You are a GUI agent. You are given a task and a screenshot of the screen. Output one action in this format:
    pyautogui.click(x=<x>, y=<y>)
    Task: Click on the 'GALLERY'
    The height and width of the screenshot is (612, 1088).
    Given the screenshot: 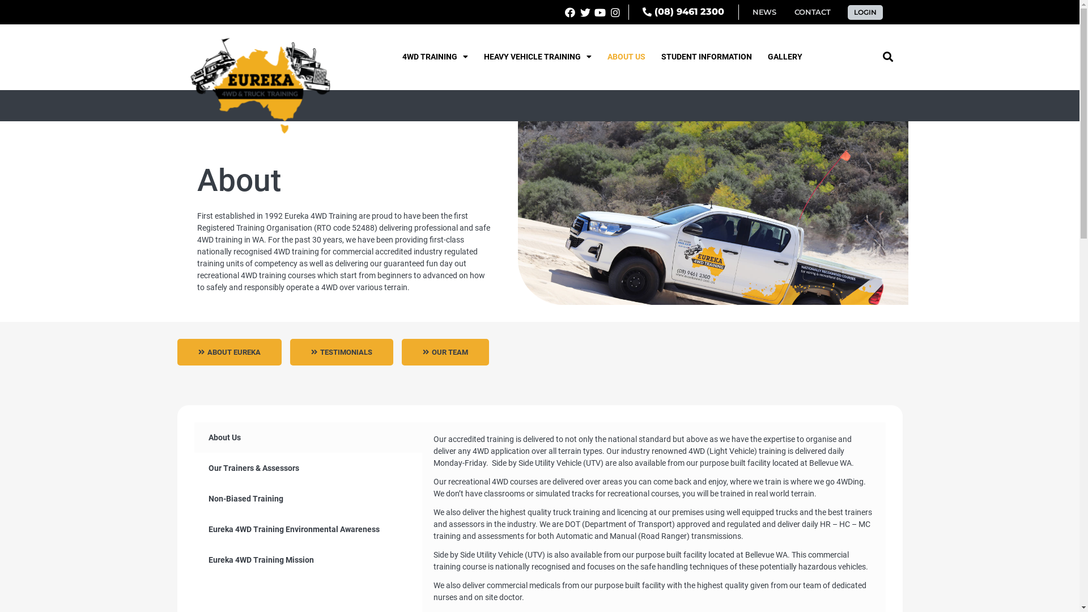 What is the action you would take?
    pyautogui.click(x=784, y=57)
    